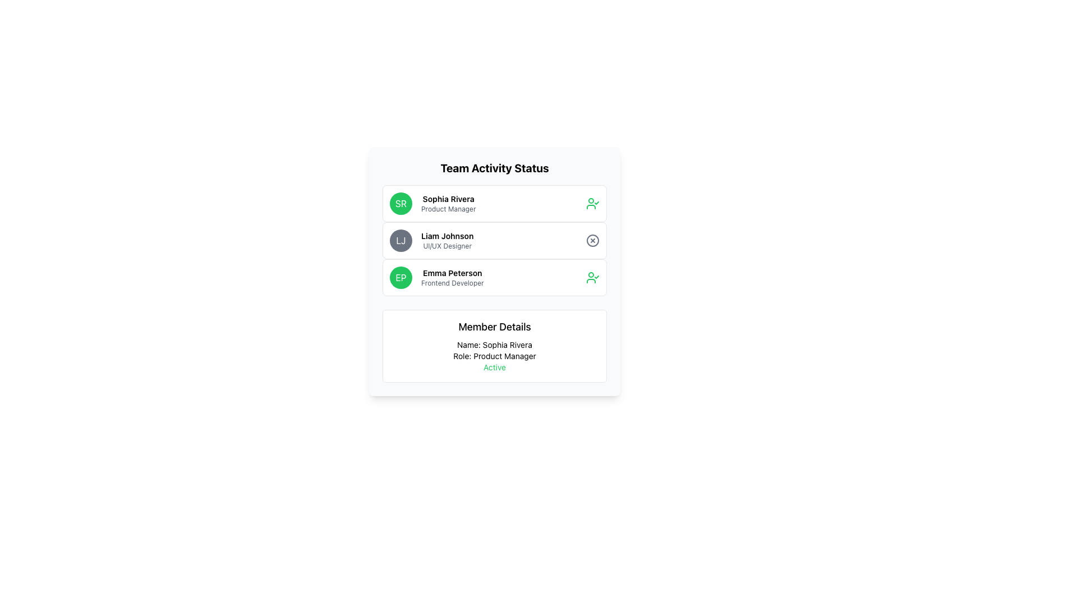  Describe the element at coordinates (494, 277) in the screenshot. I see `the interactive card displaying the name, role, and status of team member 'Emma Peterson' within the 'Team Activity Status' list for additional menu options` at that location.